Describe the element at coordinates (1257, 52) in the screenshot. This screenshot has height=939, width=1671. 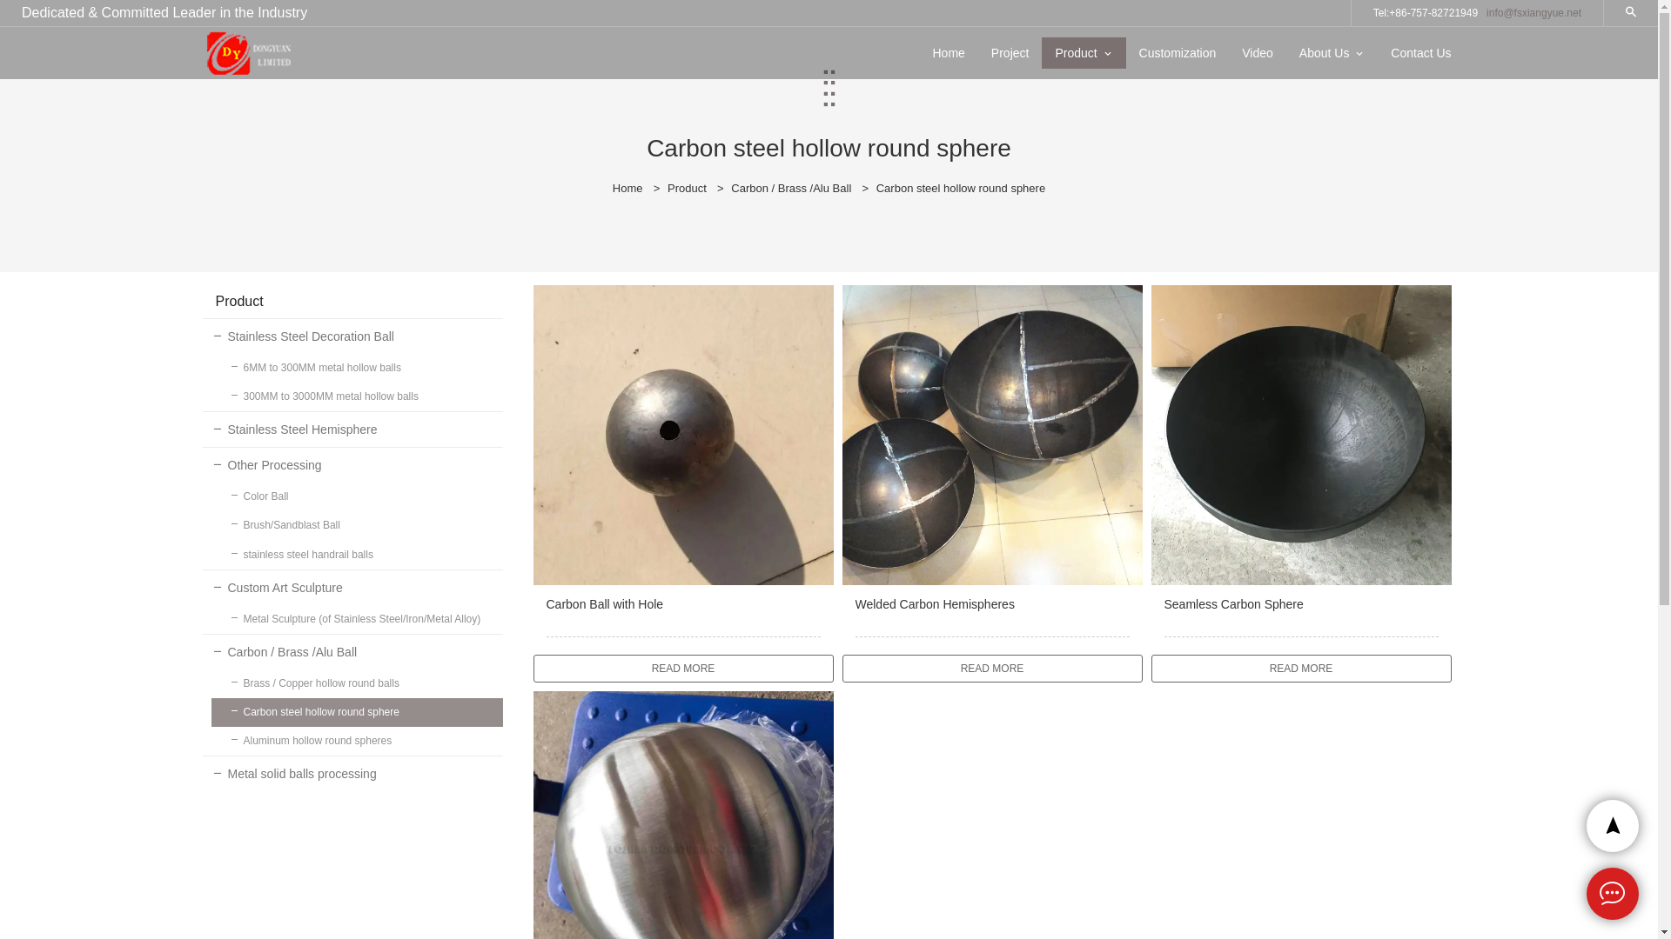
I see `'Video'` at that location.